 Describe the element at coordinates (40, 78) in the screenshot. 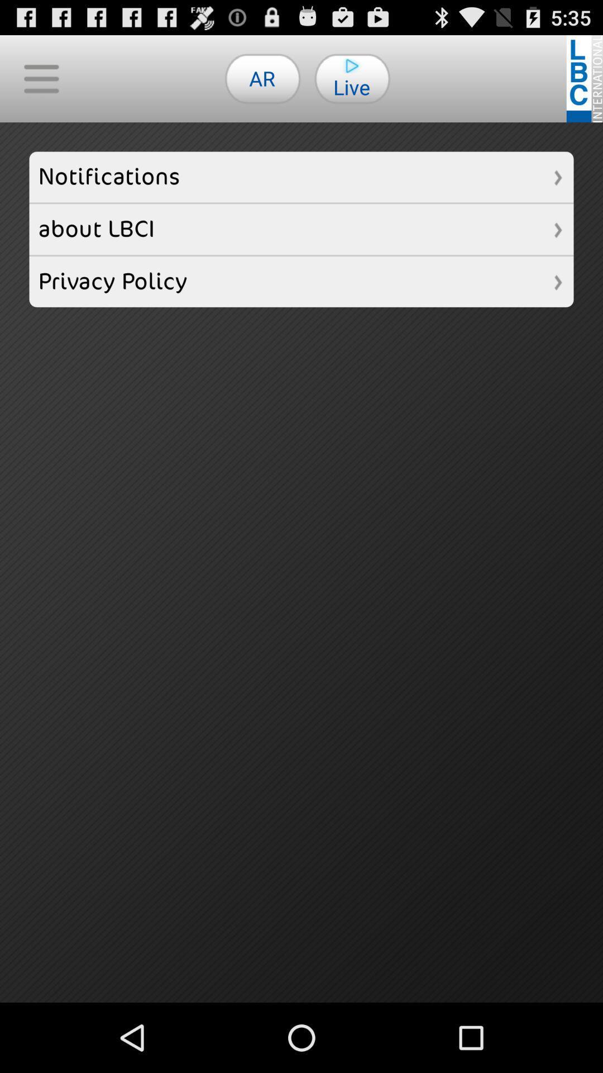

I see `the button next to the ar item` at that location.